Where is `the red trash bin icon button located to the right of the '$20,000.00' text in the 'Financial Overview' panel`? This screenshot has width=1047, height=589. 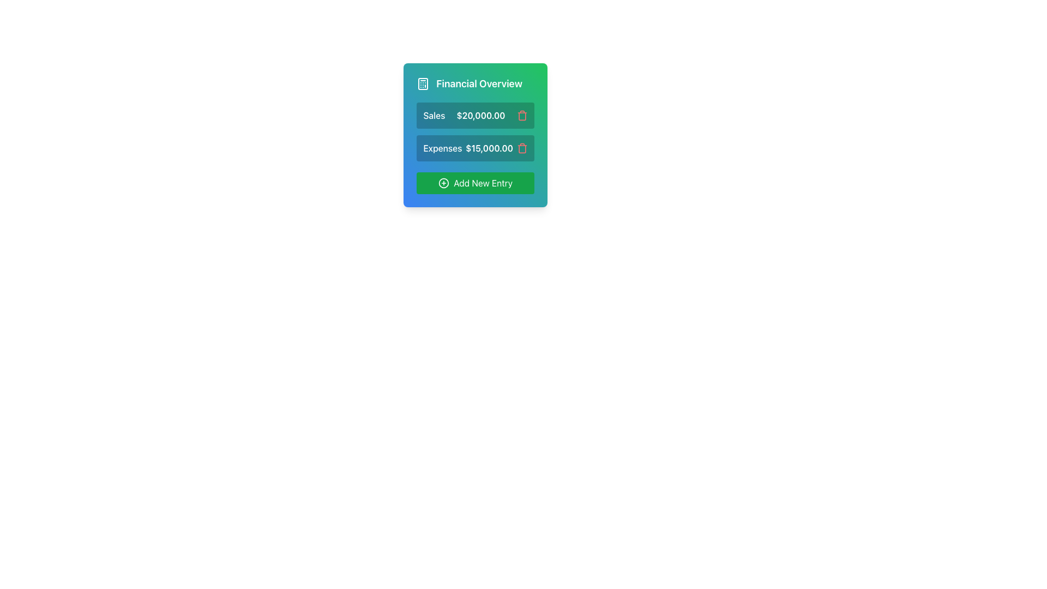
the red trash bin icon button located to the right of the '$20,000.00' text in the 'Financial Overview' panel is located at coordinates (521, 116).